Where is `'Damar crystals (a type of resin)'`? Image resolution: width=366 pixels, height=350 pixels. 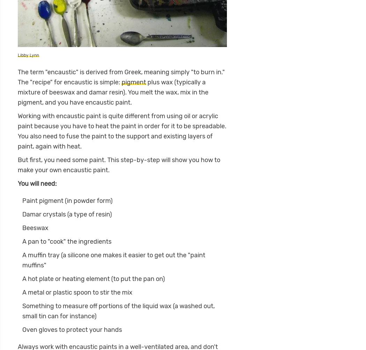 'Damar crystals (a type of resin)' is located at coordinates (66, 214).